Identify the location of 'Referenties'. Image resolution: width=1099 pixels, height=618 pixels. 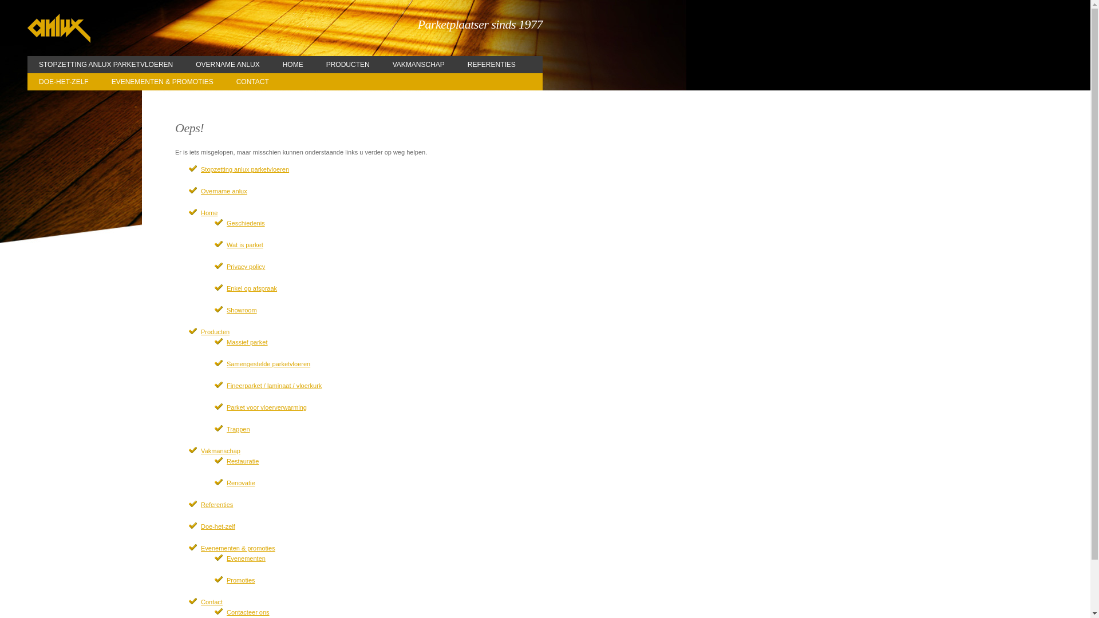
(217, 504).